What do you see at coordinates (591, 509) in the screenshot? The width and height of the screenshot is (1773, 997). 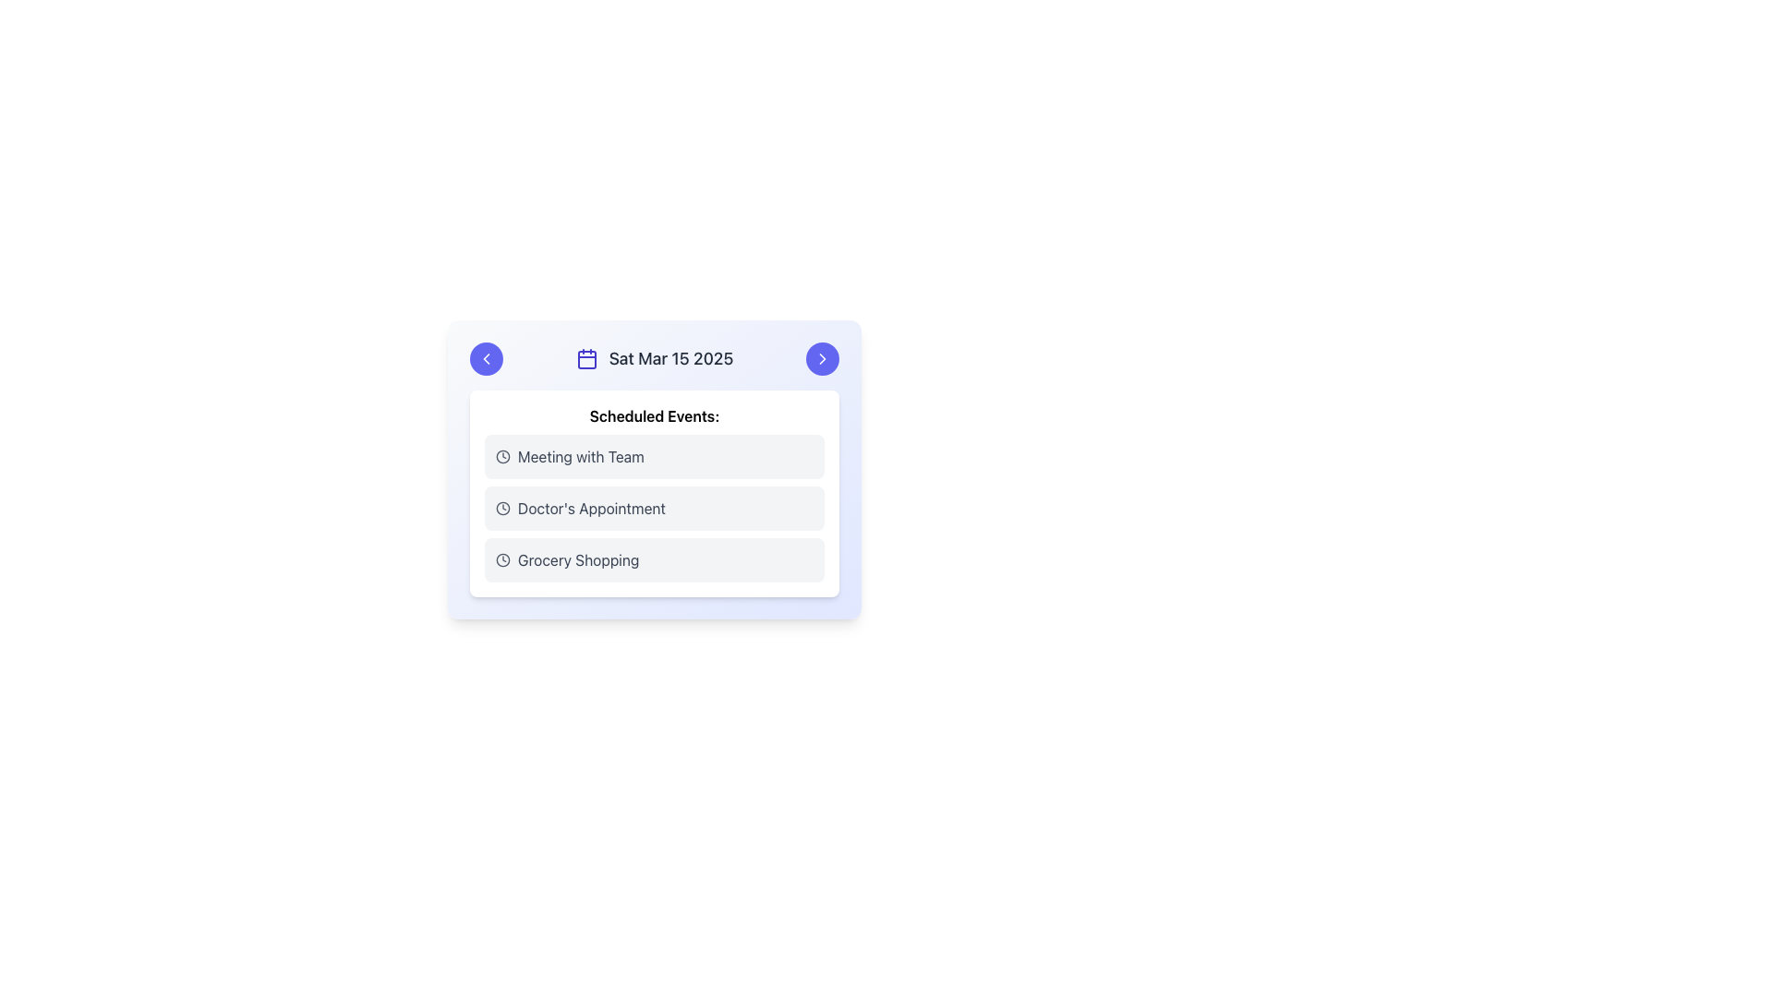 I see `the text label displaying "Doctor's Appointment" which is part of the scheduled events list and has a gray background` at bounding box center [591, 509].